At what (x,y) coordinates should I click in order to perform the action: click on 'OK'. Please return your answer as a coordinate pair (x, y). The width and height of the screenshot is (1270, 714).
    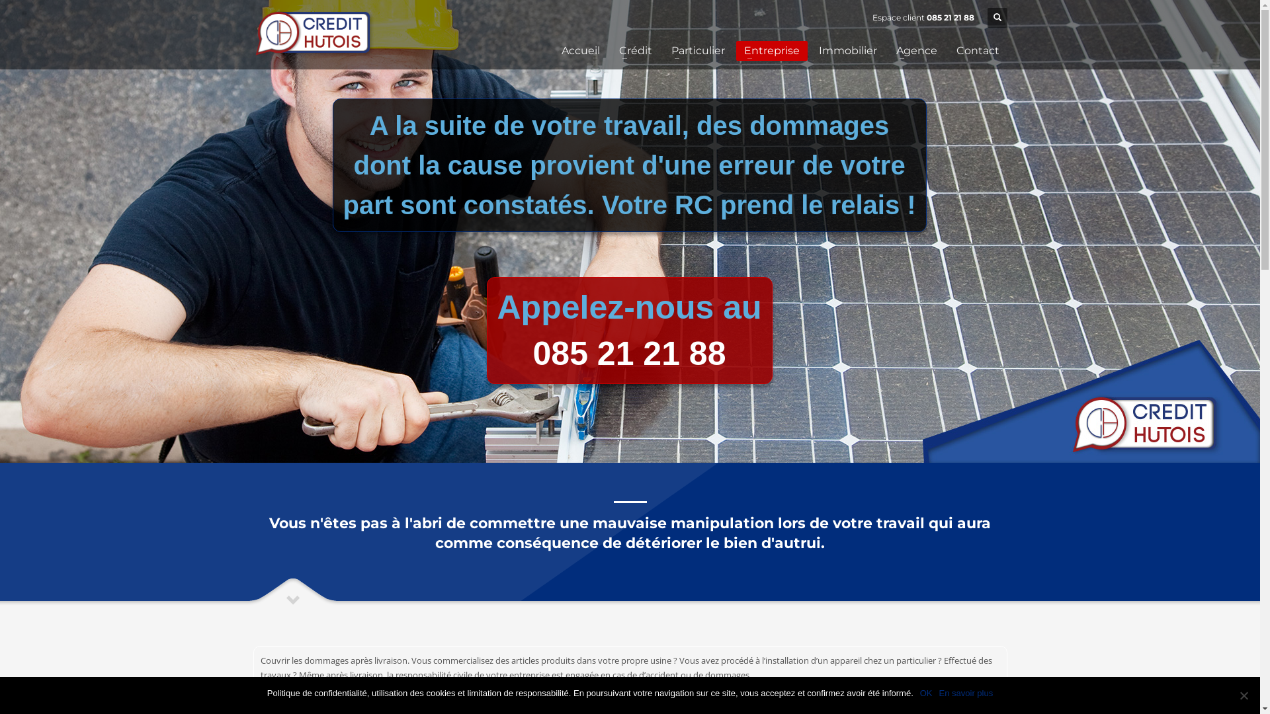
    Looking at the image, I should click on (925, 693).